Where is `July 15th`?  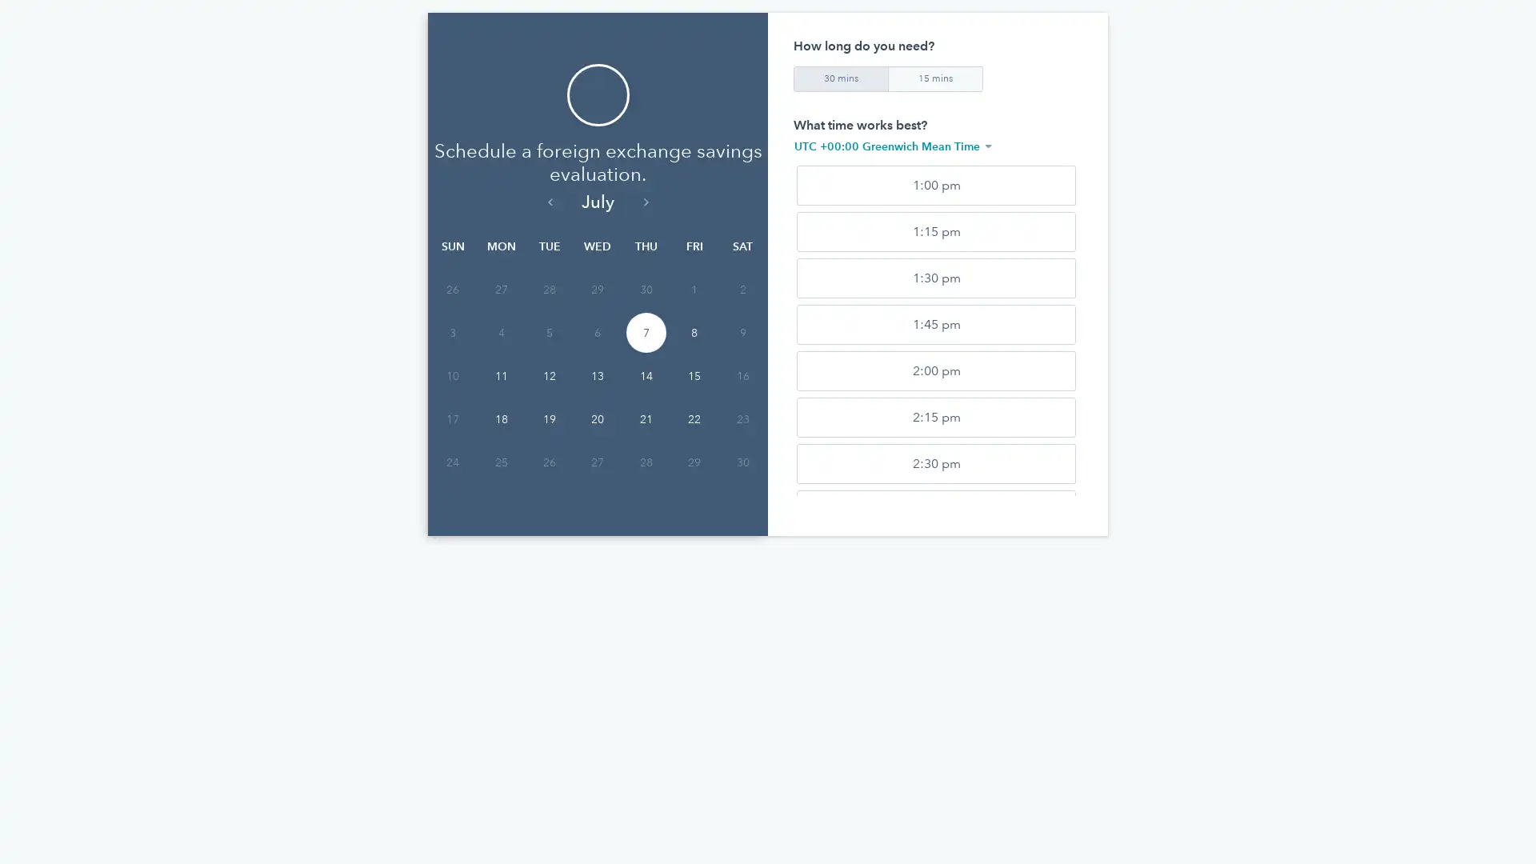 July 15th is located at coordinates (694, 376).